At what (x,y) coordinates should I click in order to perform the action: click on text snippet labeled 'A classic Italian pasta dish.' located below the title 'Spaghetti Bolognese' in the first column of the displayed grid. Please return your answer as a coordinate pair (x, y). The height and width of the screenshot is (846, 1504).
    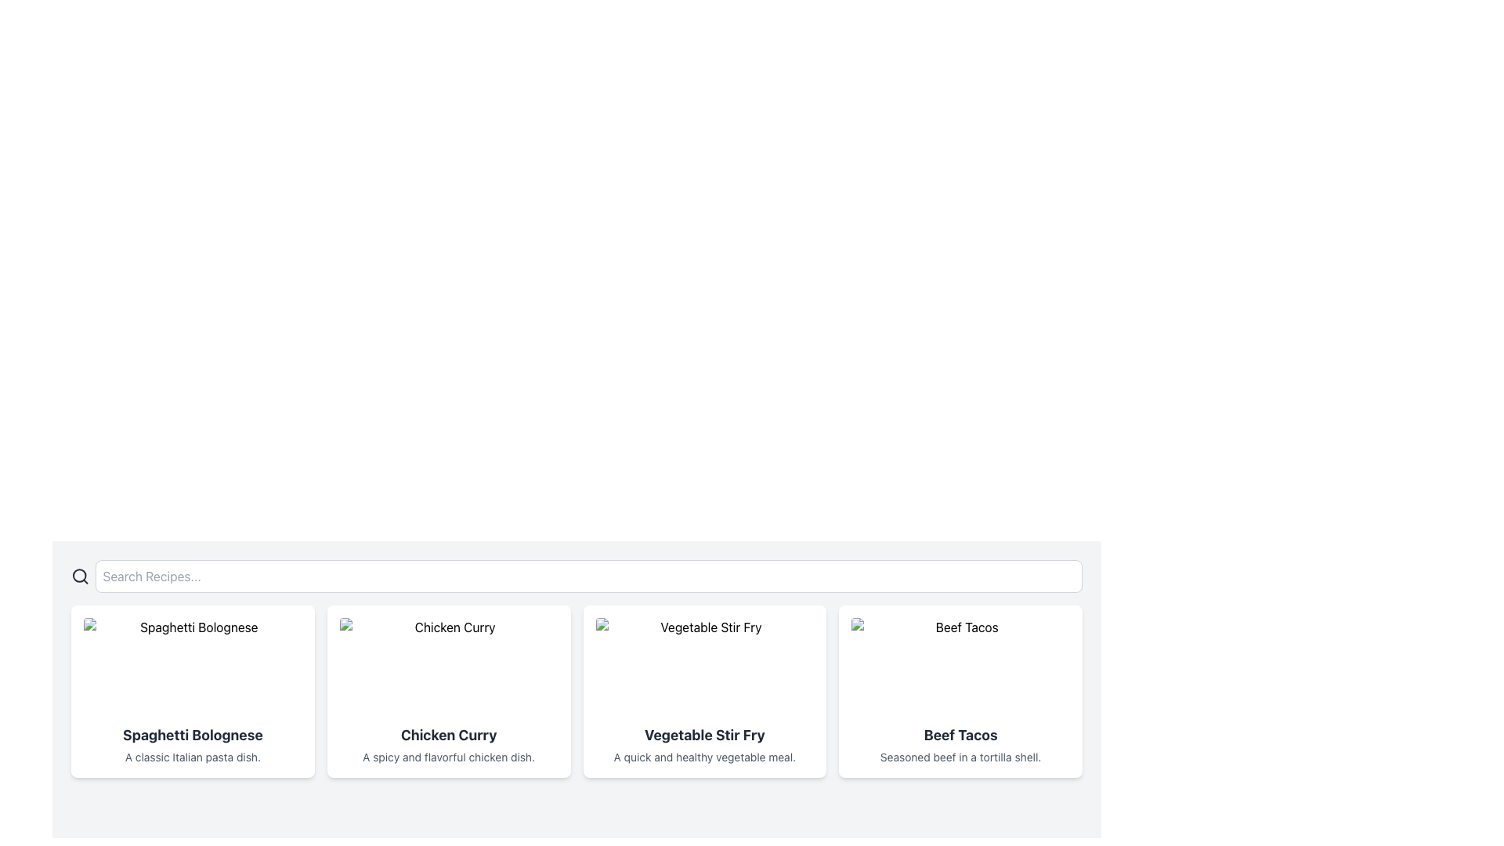
    Looking at the image, I should click on (192, 757).